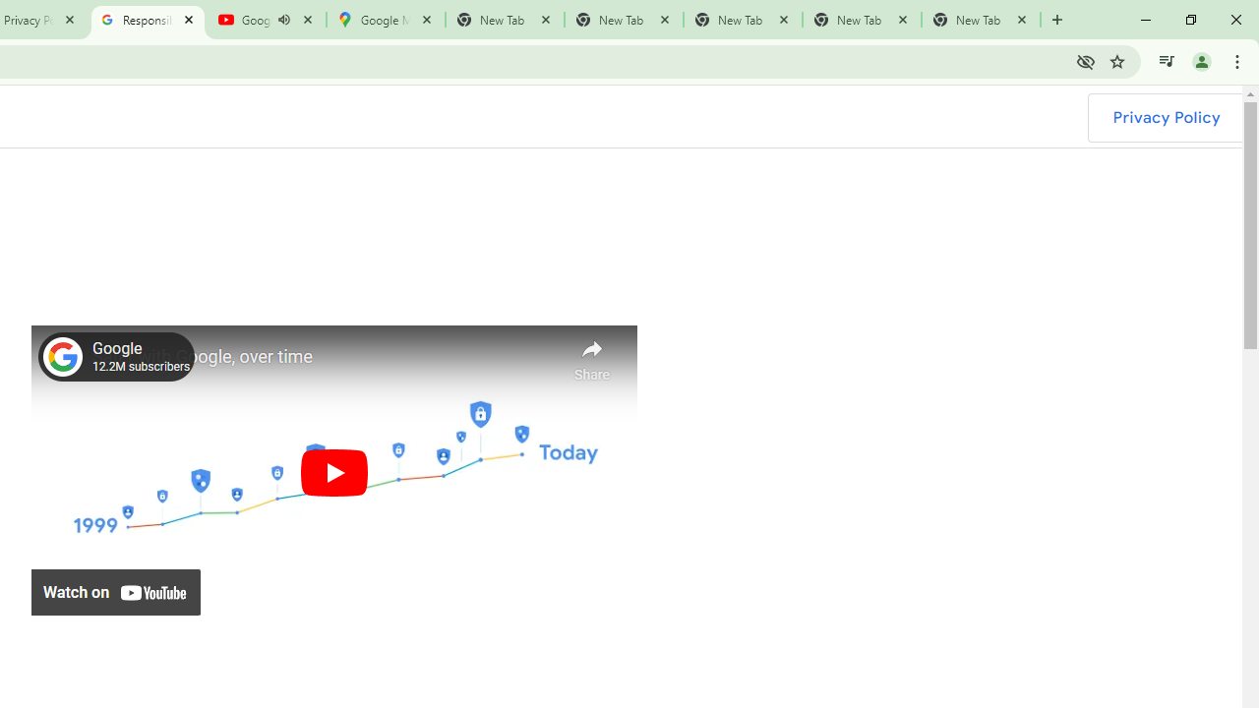 This screenshot has height=708, width=1259. What do you see at coordinates (333, 472) in the screenshot?
I see `'Play'` at bounding box center [333, 472].